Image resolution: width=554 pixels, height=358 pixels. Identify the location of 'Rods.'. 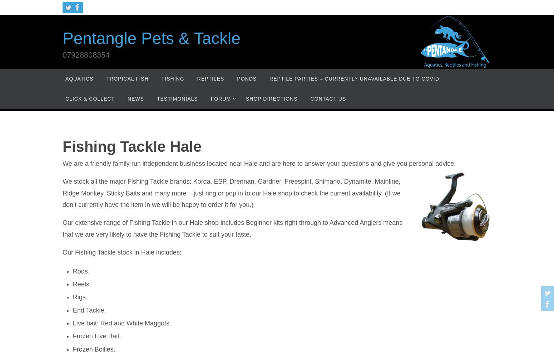
(72, 271).